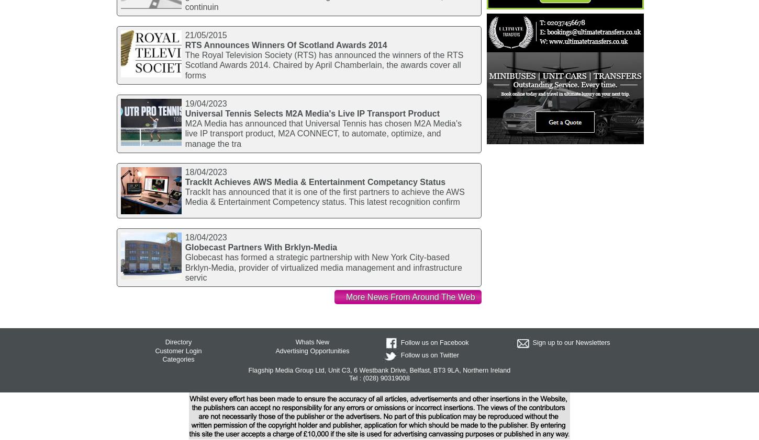 This screenshot has width=759, height=440. What do you see at coordinates (315, 182) in the screenshot?
I see `'TrackIt Achieves AWS Media & Entertainment Competancy Status'` at bounding box center [315, 182].